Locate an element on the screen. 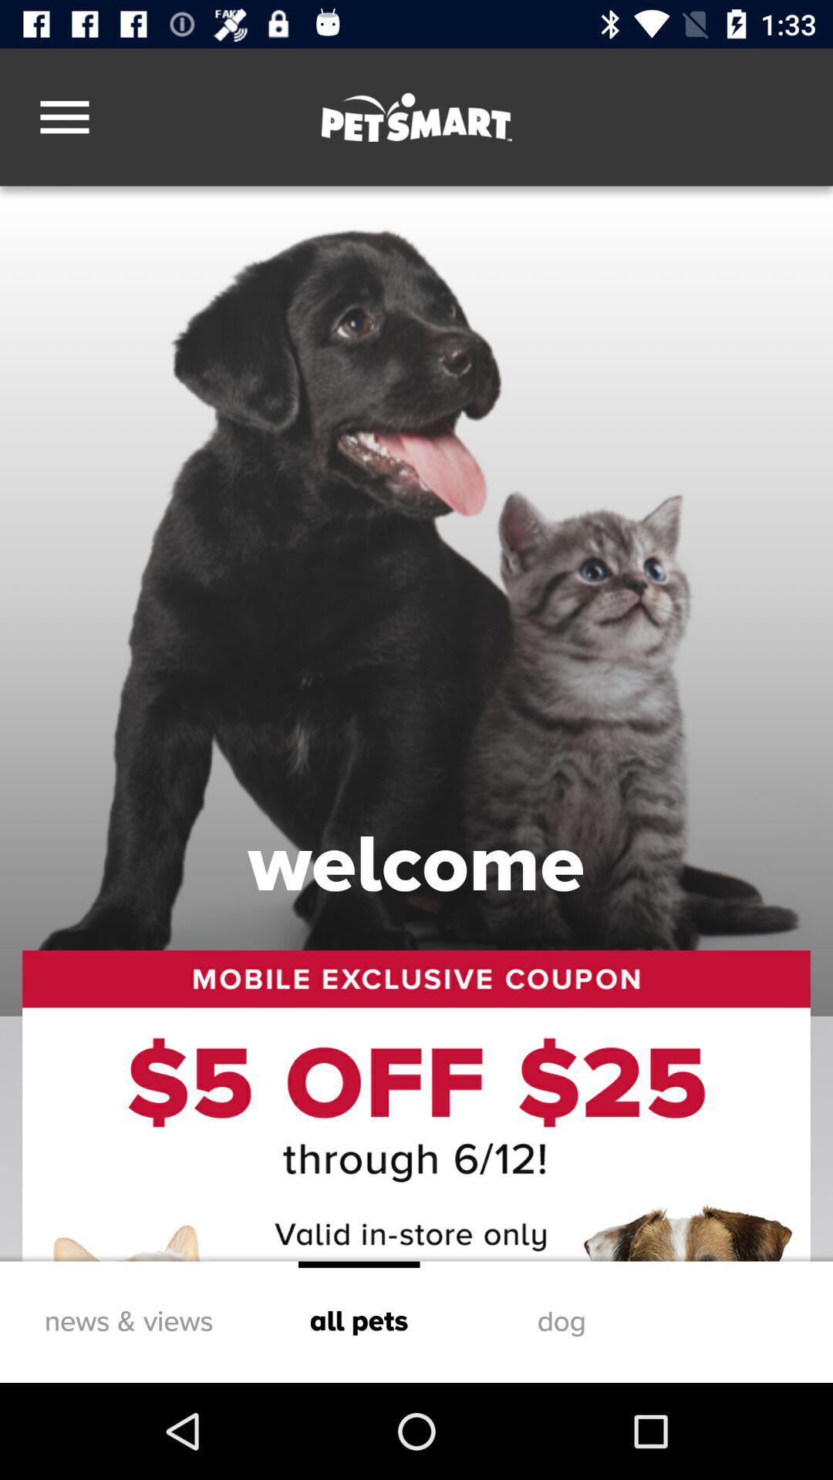  news & views item is located at coordinates (128, 1321).